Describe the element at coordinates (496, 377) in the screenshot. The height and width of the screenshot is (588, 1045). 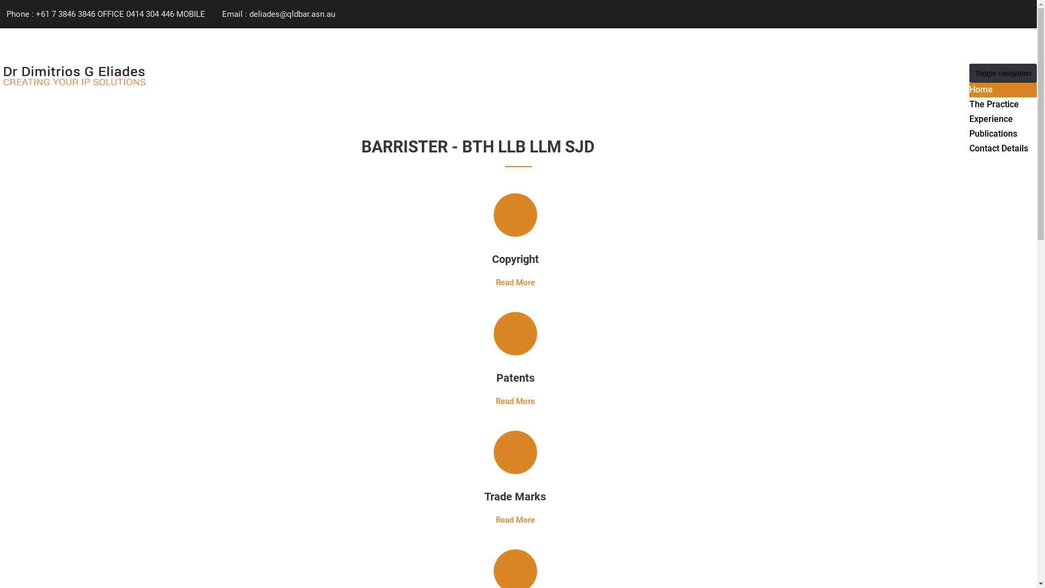
I see `'Patents'` at that location.